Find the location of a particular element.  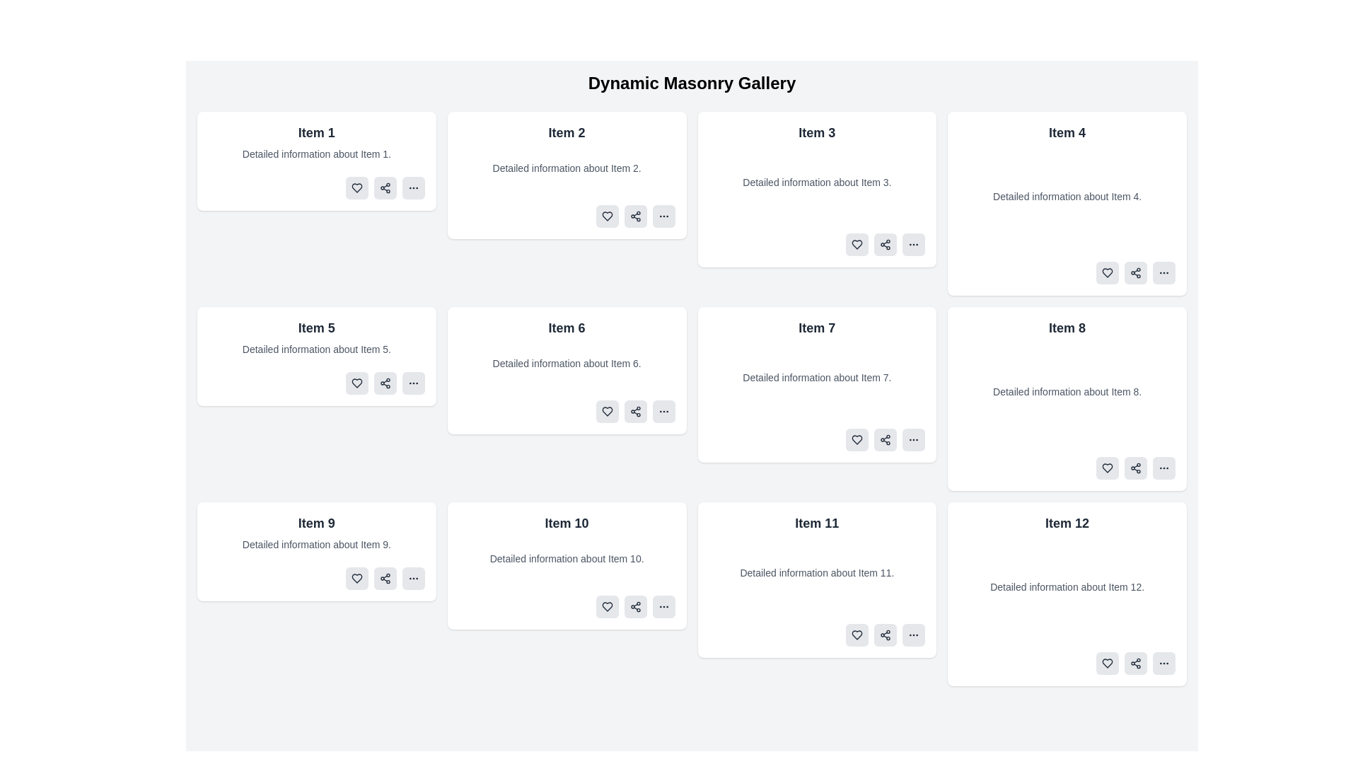

the heart-shaped IconButton indicating 'like' functionality located in the action area of 'Item 2' in the 'Dynamic Masonry Gallery' layout is located at coordinates (607, 216).